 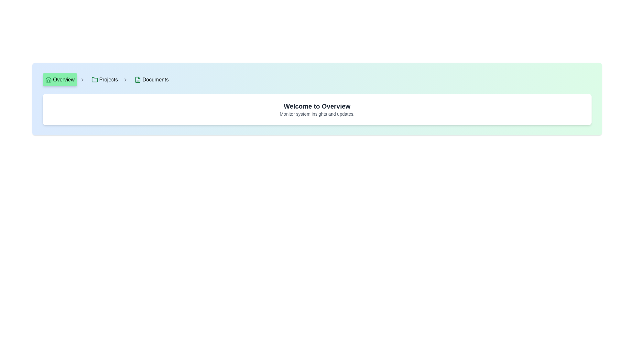 I want to click on the rightward chevron icon in the breadcrumb navigation that follows the text 'Projects', so click(x=125, y=79).